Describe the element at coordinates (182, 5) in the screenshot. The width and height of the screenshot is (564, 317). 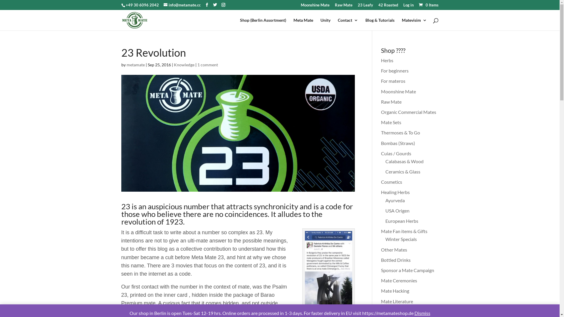
I see `'info@metamate.cc'` at that location.